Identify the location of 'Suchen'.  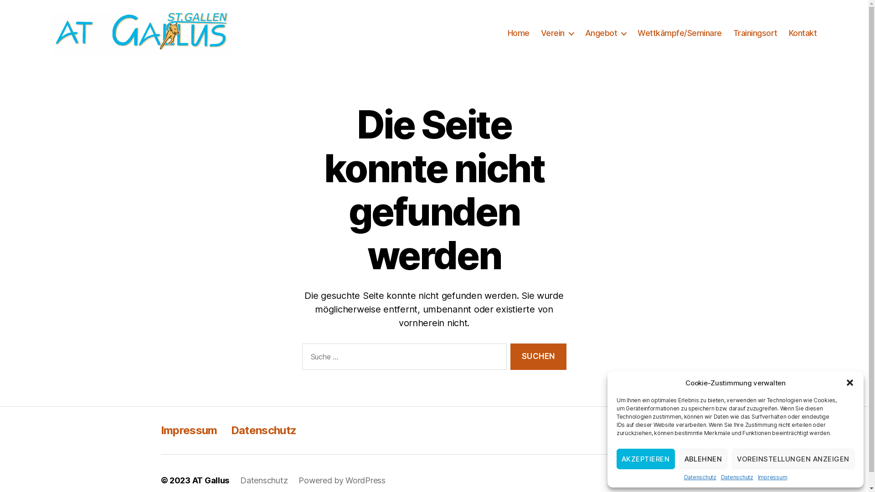
(538, 356).